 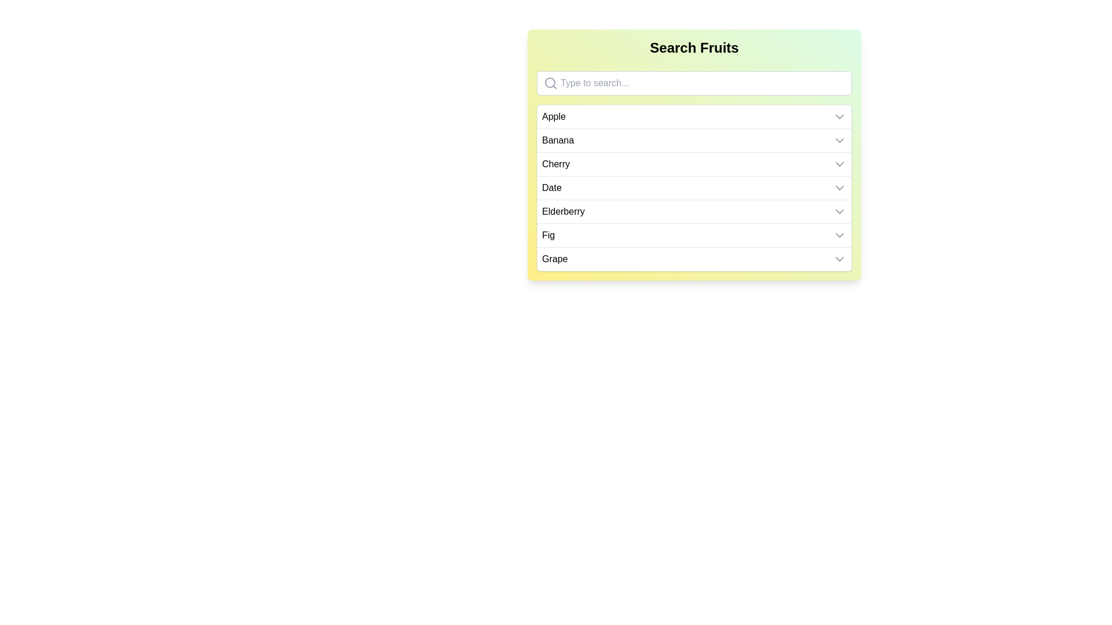 I want to click on the downward-pointing chevron icon styled with a smooth gray color on the far right of the 'Grape' row in the 'Search Fruits' list, so click(x=839, y=258).